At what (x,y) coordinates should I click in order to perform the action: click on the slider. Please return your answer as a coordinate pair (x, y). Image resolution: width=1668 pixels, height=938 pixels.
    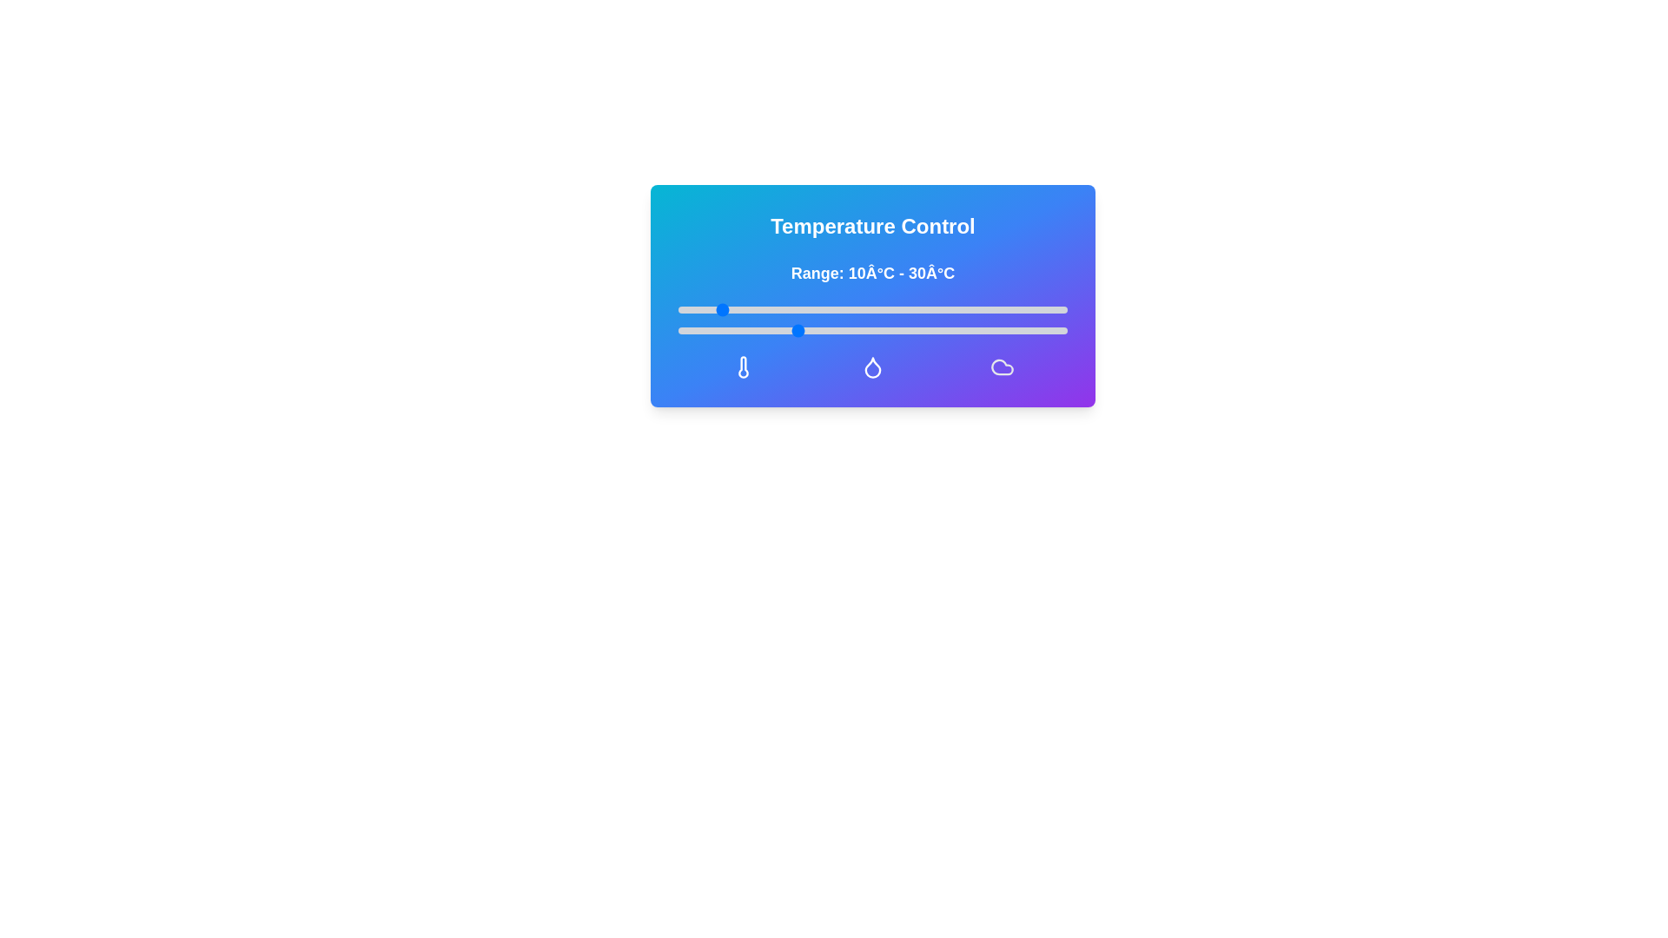
    Looking at the image, I should click on (970, 331).